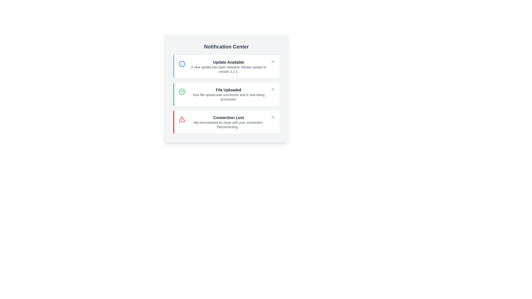 The image size is (532, 299). What do you see at coordinates (229, 125) in the screenshot?
I see `the status message informing users about connection issues, located beneath the 'Connection Lost' headline in the Notification Center` at bounding box center [229, 125].